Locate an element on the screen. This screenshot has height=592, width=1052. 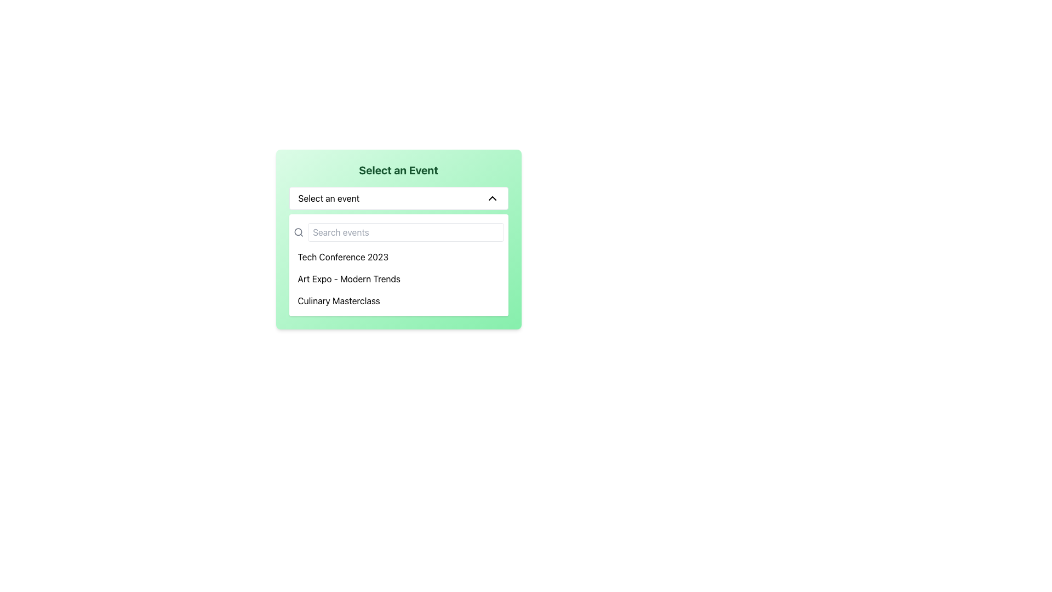
the SVG circle component of the search icon located near the top-left corner of the search bar, which is part of the event selection interface is located at coordinates (298, 231).